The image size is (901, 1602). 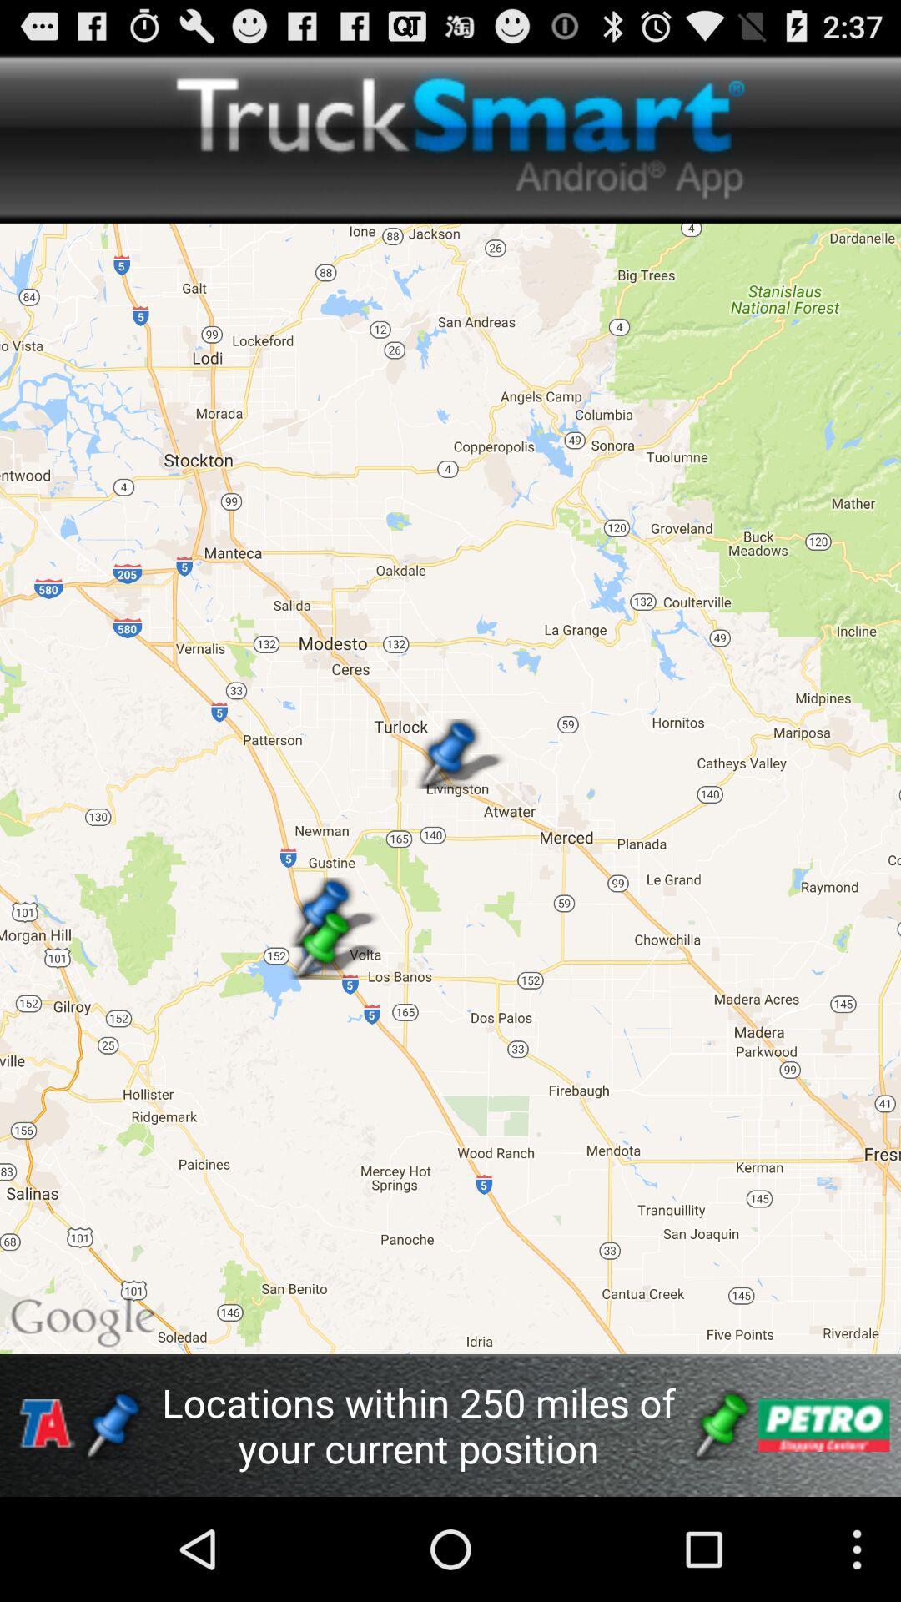 What do you see at coordinates (450, 788) in the screenshot?
I see `item at the center` at bounding box center [450, 788].